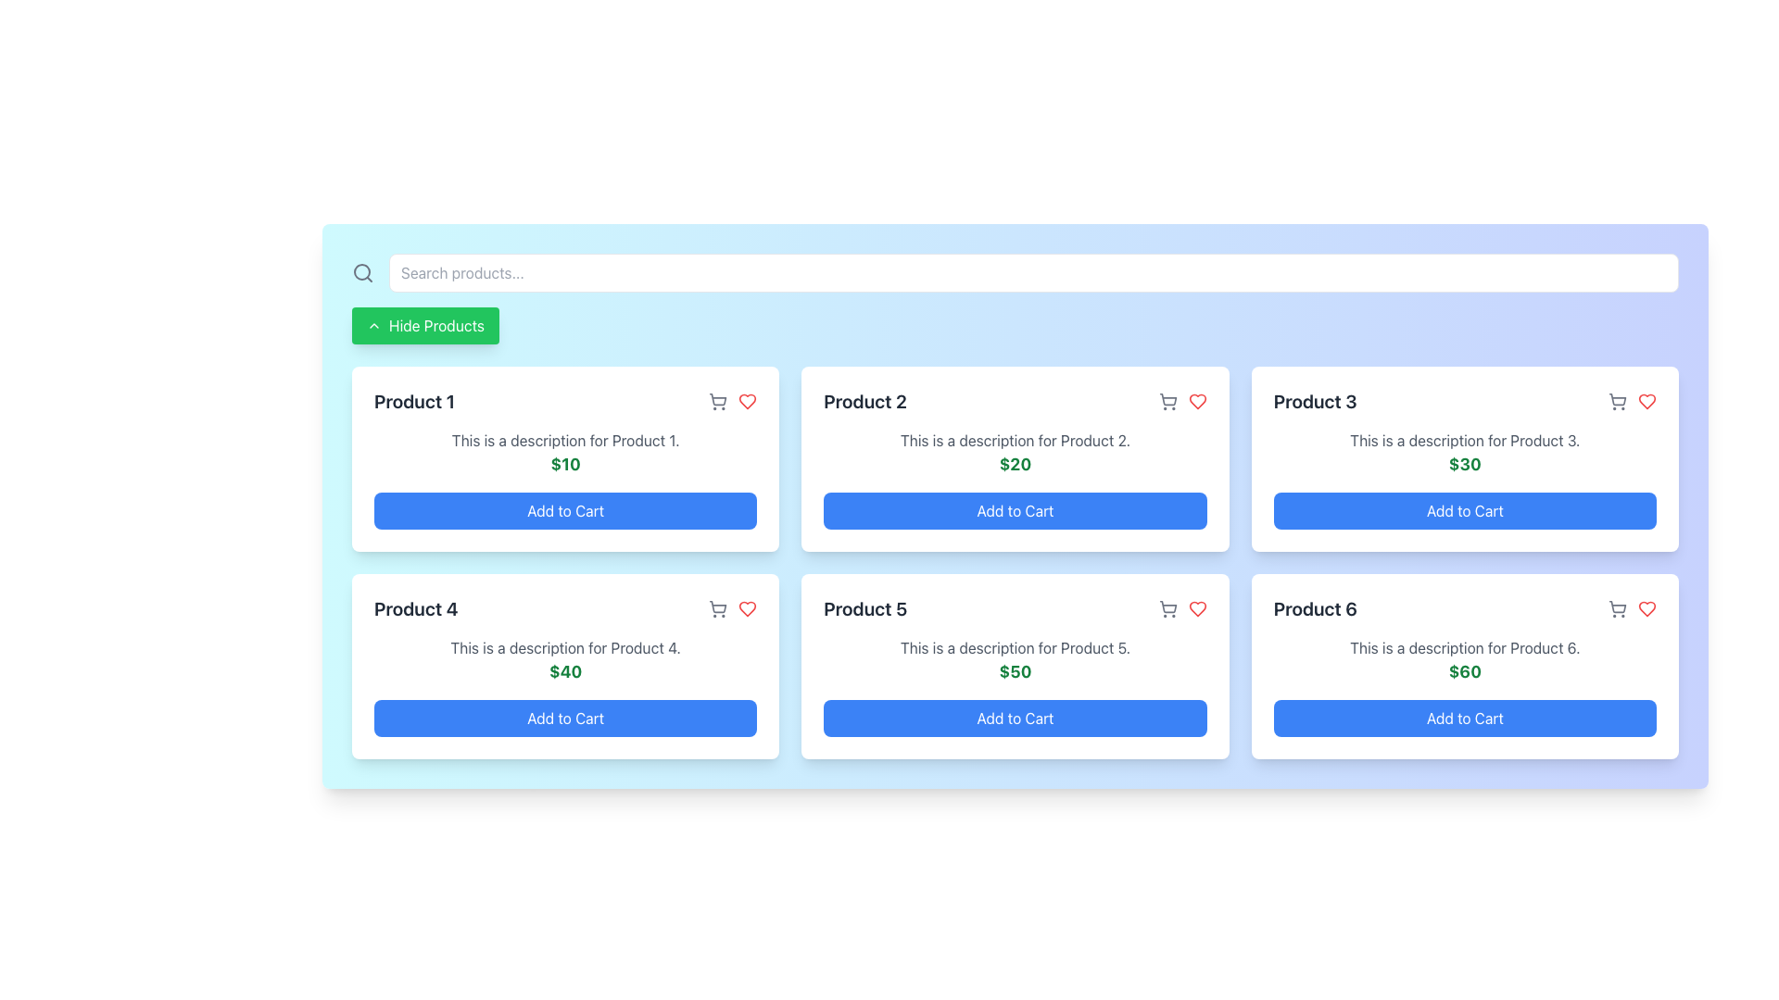 This screenshot has width=1779, height=1000. I want to click on the 'Product 6' card, which features a bold title, description, price label, and 'Add, so click(1464, 667).